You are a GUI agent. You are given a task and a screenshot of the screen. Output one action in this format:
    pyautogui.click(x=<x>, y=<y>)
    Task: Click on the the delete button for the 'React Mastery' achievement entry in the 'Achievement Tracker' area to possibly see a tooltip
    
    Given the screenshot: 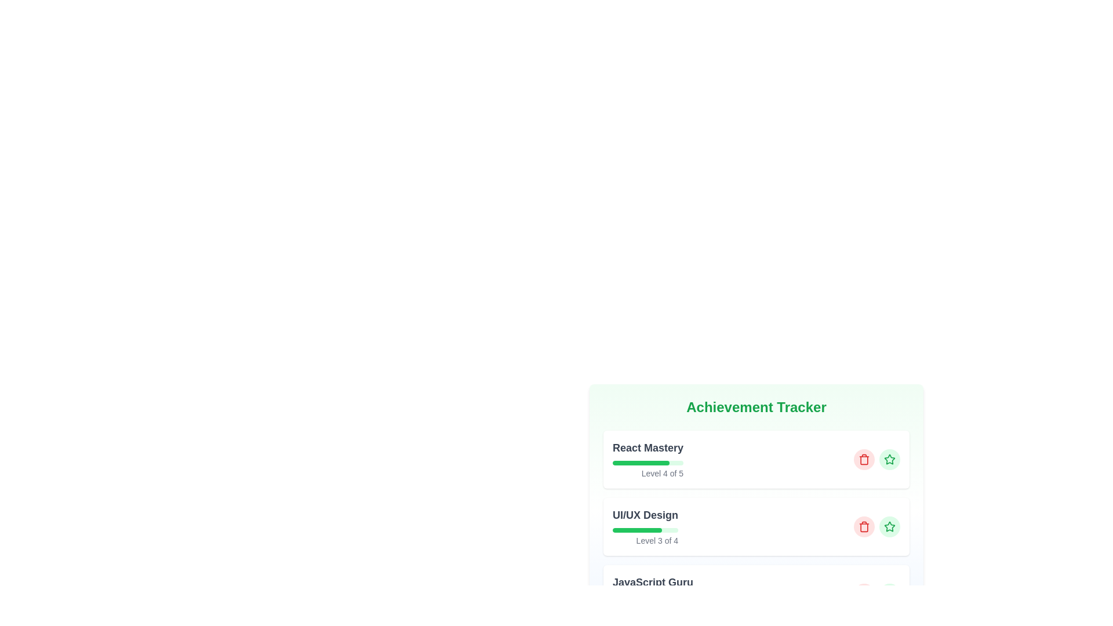 What is the action you would take?
    pyautogui.click(x=864, y=459)
    